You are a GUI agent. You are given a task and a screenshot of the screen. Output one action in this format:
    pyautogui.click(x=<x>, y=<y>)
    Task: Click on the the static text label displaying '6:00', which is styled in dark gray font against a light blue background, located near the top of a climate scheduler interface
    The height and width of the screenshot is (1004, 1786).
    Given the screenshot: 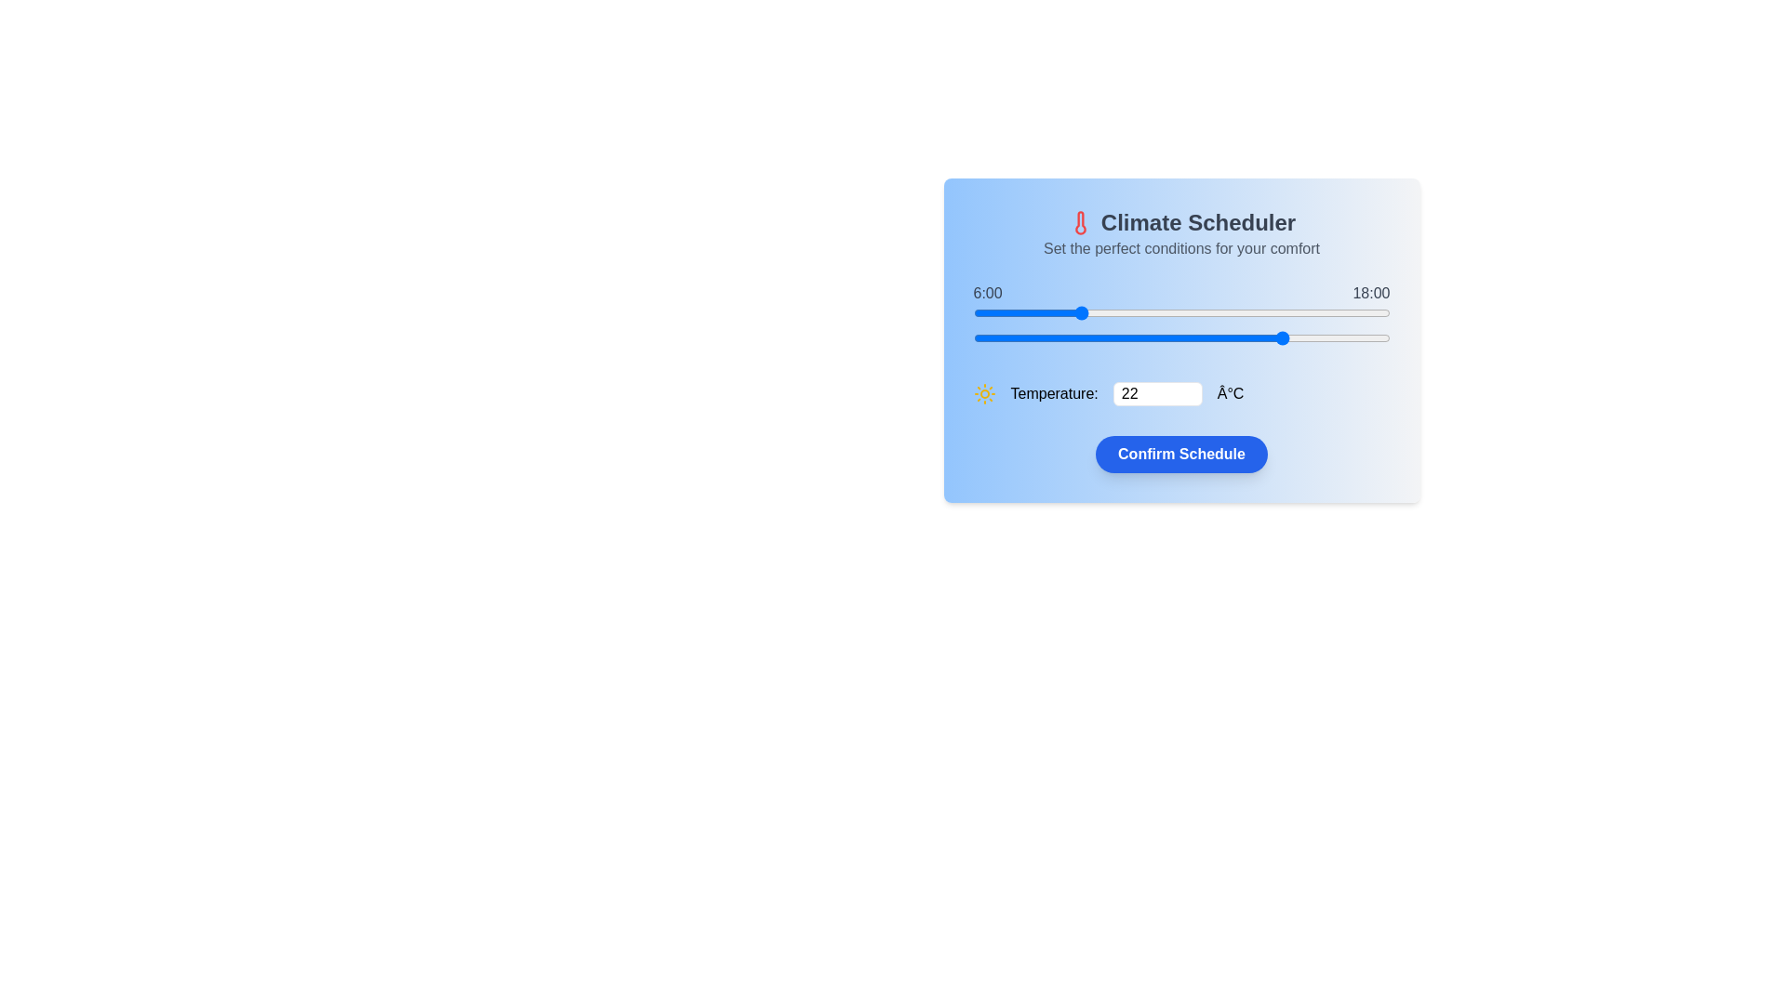 What is the action you would take?
    pyautogui.click(x=987, y=293)
    